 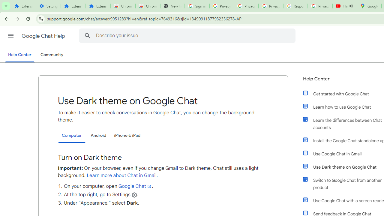 I want to click on 'Help Center', so click(x=19, y=55).